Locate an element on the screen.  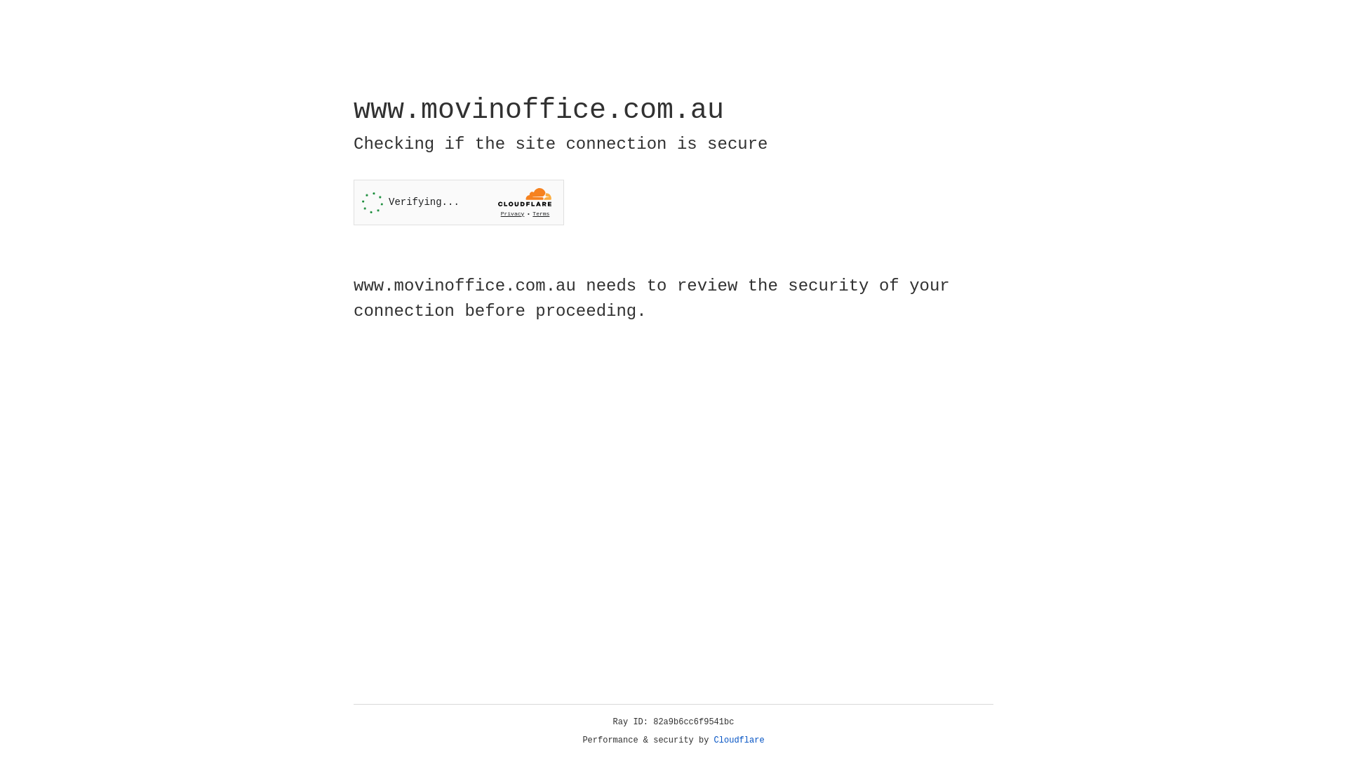
'Widget containing a Cloudflare security challenge' is located at coordinates (458, 202).